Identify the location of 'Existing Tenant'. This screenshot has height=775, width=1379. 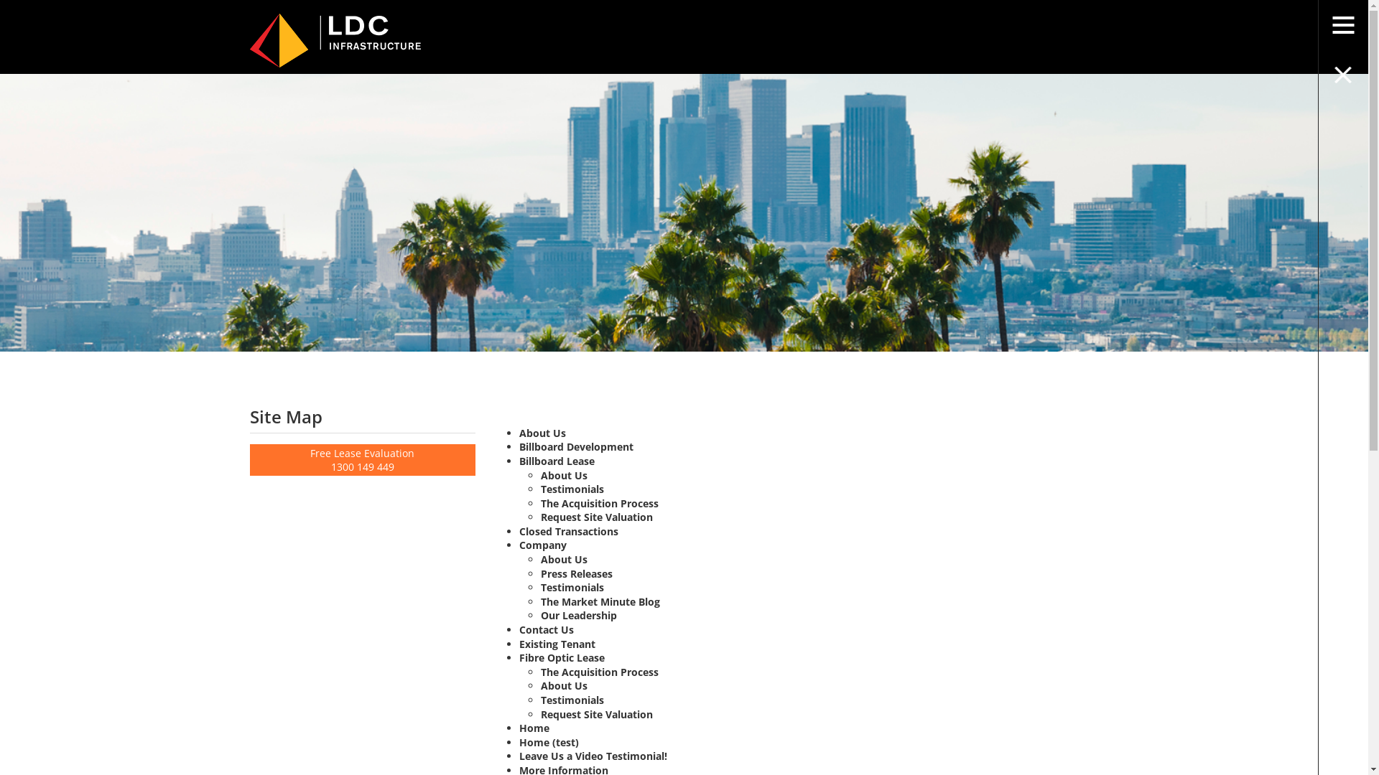
(519, 643).